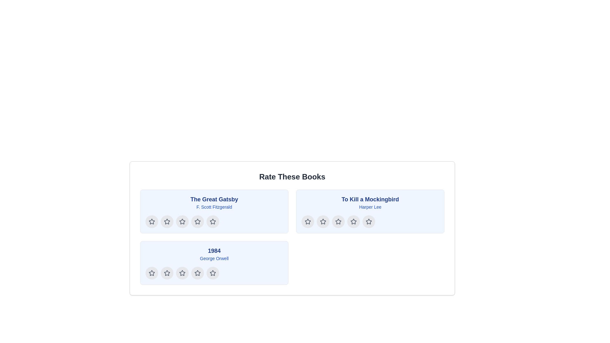 Image resolution: width=610 pixels, height=343 pixels. What do you see at coordinates (182, 221) in the screenshot?
I see `the third star in the rating mechanism under the section titled 'The Great Gatsby'` at bounding box center [182, 221].